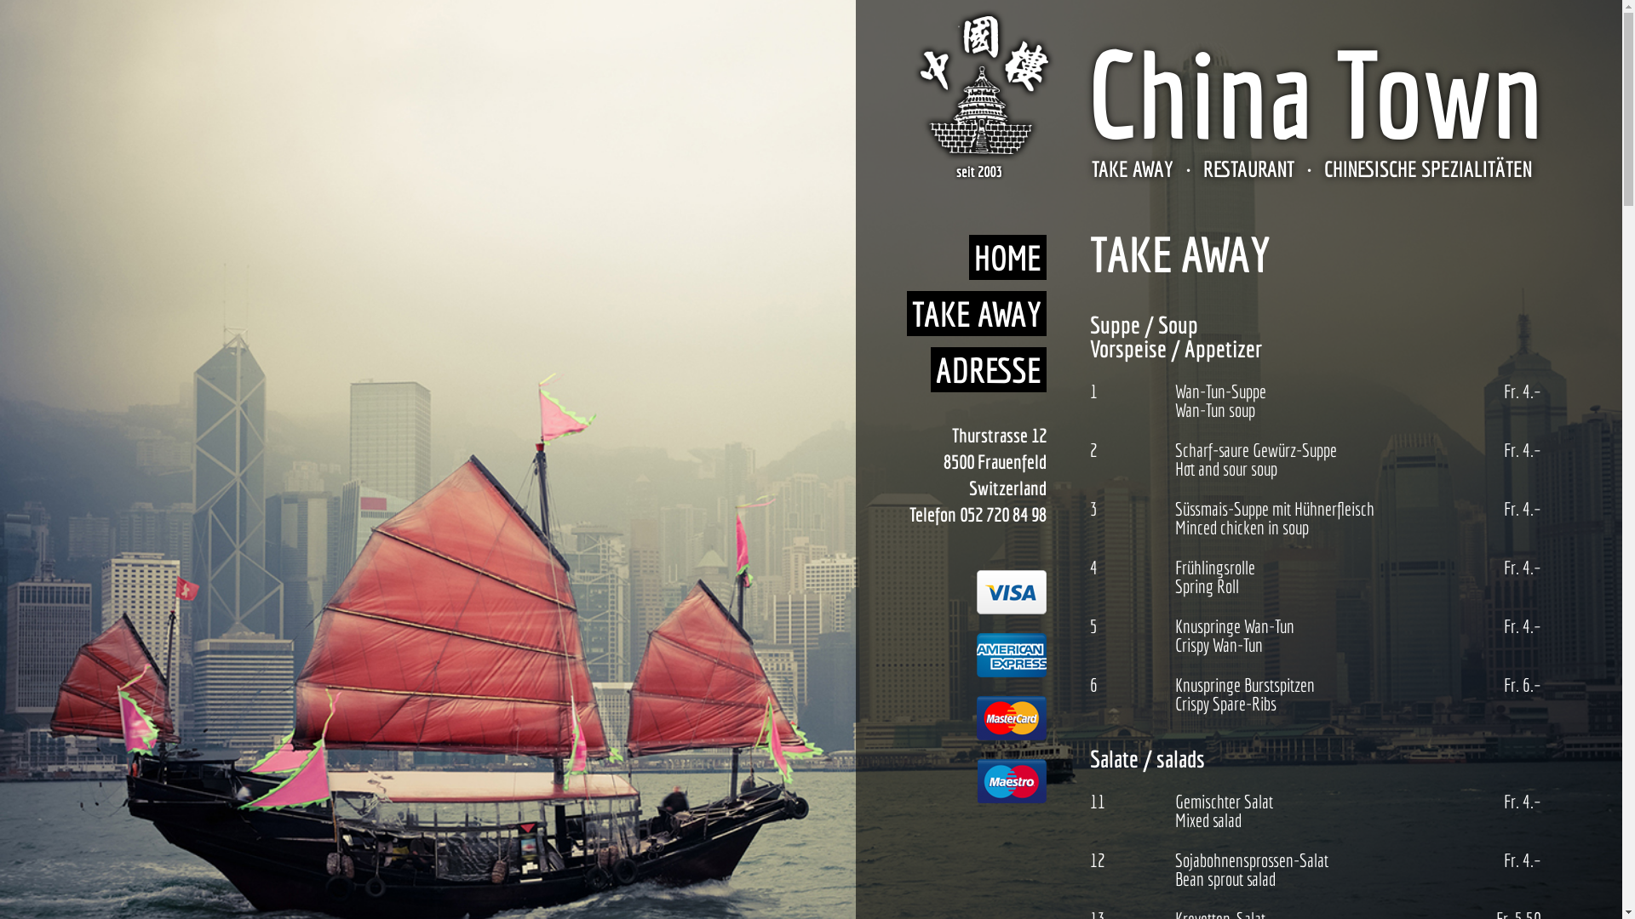  What do you see at coordinates (1007, 257) in the screenshot?
I see `'HOME'` at bounding box center [1007, 257].